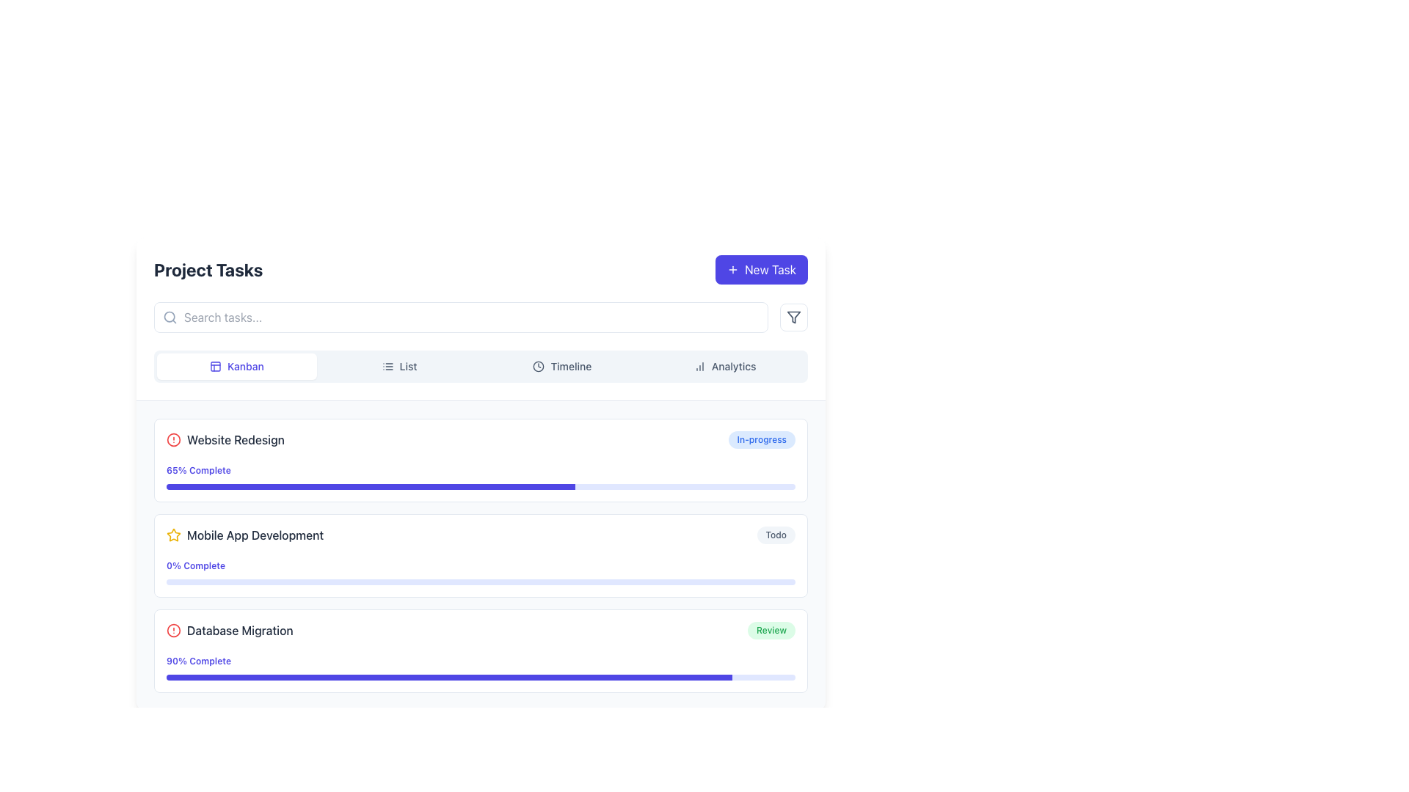 This screenshot has height=792, width=1409. What do you see at coordinates (793, 316) in the screenshot?
I see `the filter button located at the far right of the group of elements, next to the search bar and the 'New Task' button` at bounding box center [793, 316].